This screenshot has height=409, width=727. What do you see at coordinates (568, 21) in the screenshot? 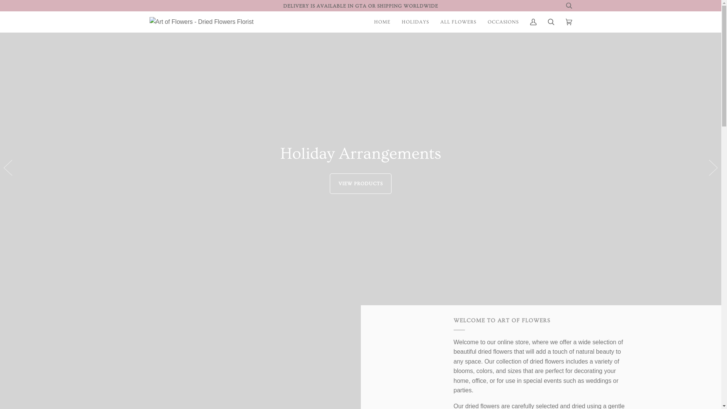
I see `'Cart` at bounding box center [568, 21].